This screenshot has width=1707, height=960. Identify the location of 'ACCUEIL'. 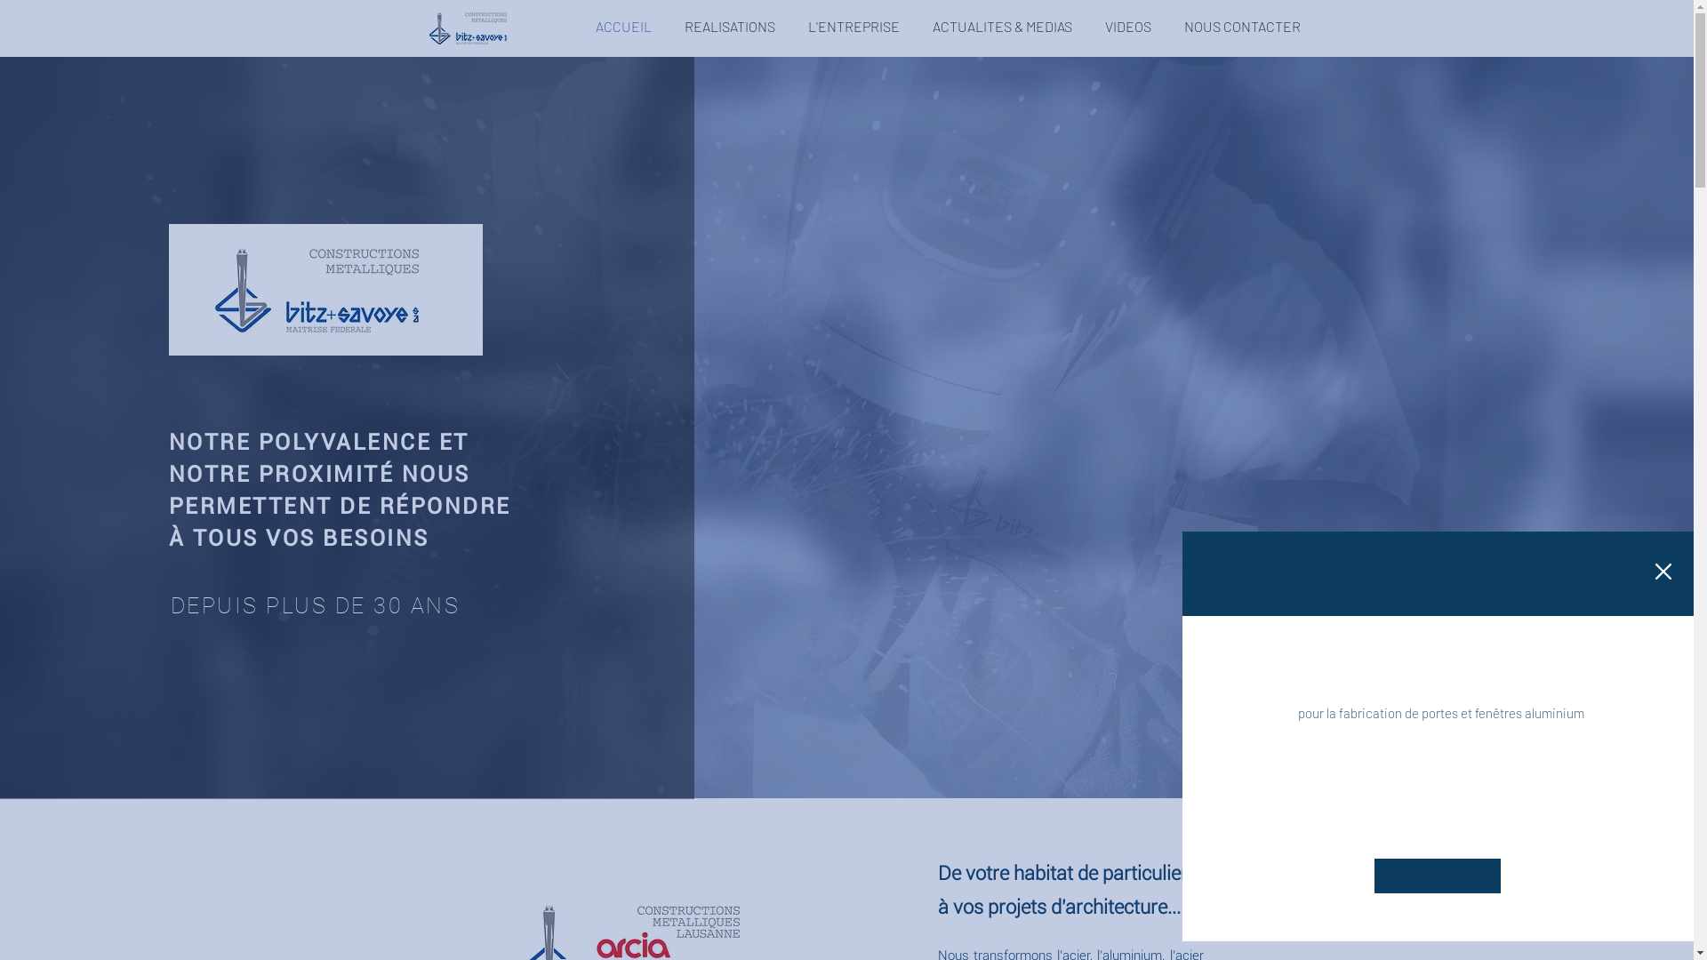
(580, 27).